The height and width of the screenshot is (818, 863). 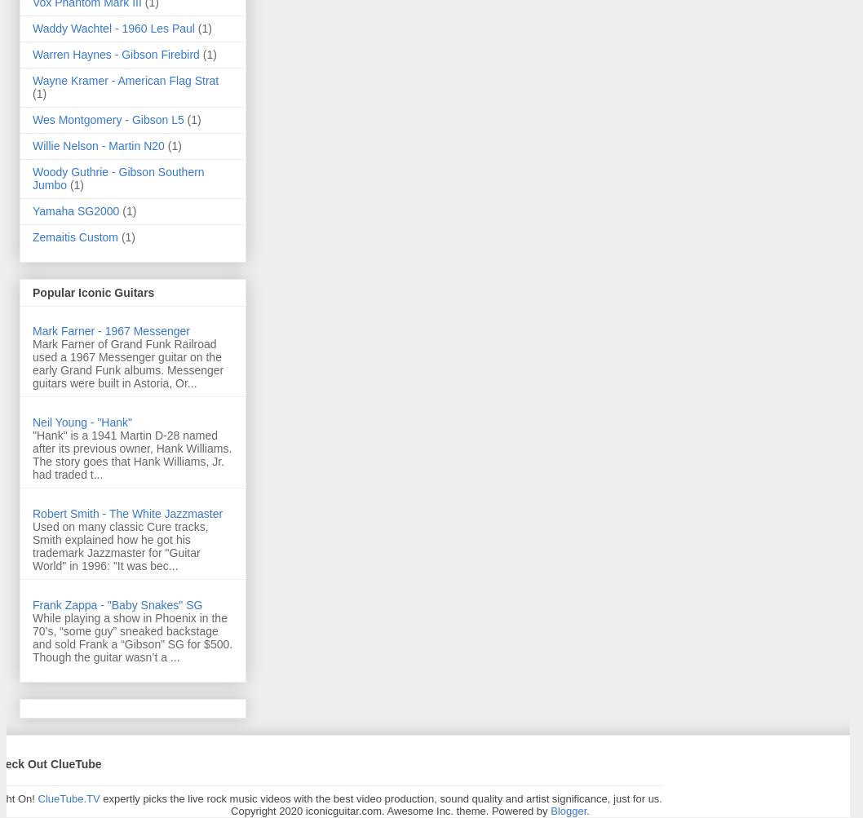 What do you see at coordinates (119, 546) in the screenshot?
I see `'Used on many classic Cure tracks, Smith explained how he got his trademark Jazzmaster for "Guitar World" in 1996: "It was bec...'` at bounding box center [119, 546].